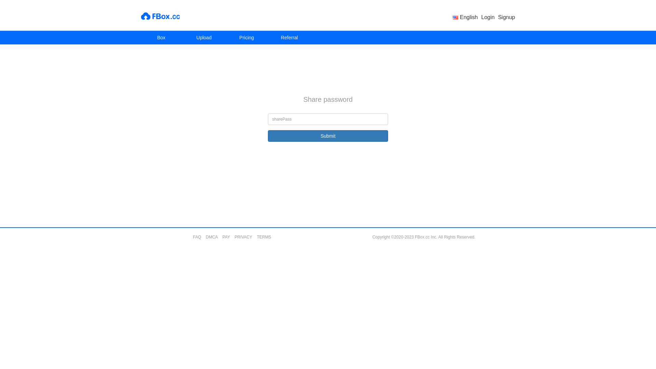  What do you see at coordinates (267, 38) in the screenshot?
I see `'Referral'` at bounding box center [267, 38].